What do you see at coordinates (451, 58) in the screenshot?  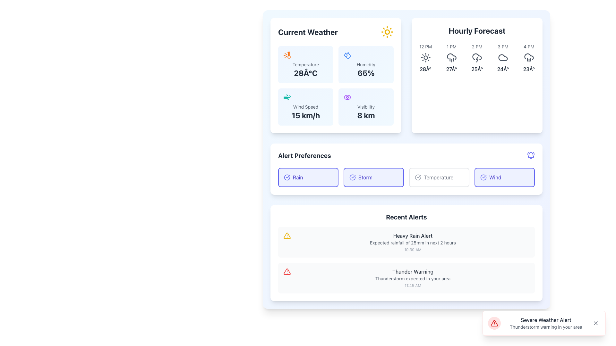 I see `the Static Information Display element that shows the weather forecast for 1 PM, which includes rain icons and a temperature of 27°C, located in the second column of the 'Hourly Forecast' section` at bounding box center [451, 58].